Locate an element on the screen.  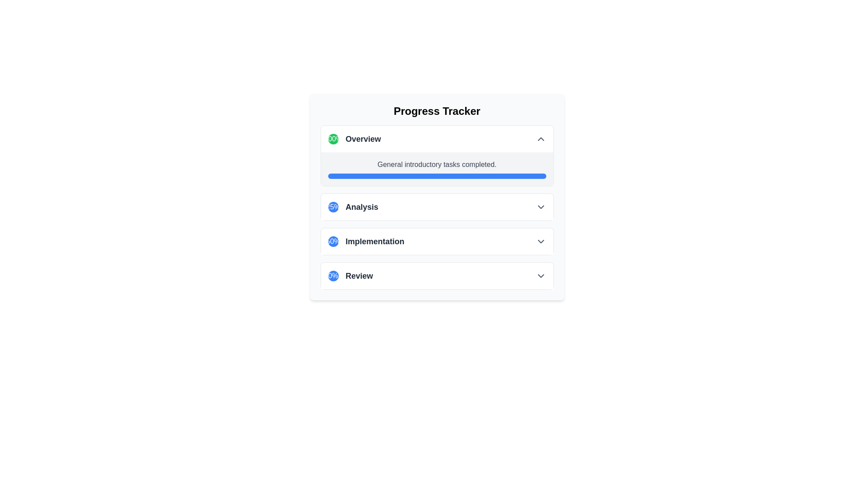
the informational icon or badge that indicates the progress percentage of the 'Implementation' section is located at coordinates (333, 242).